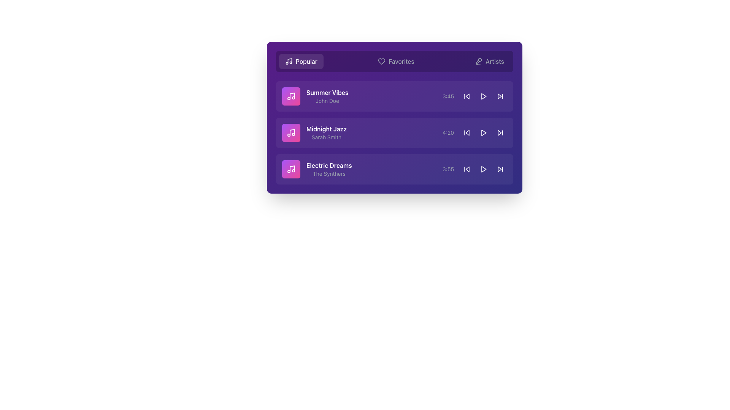 The image size is (730, 410). Describe the element at coordinates (489, 61) in the screenshot. I see `the button that navigates to the artists section, which is the third option in the horizontal navigation bar located at the top-right of the component` at that location.